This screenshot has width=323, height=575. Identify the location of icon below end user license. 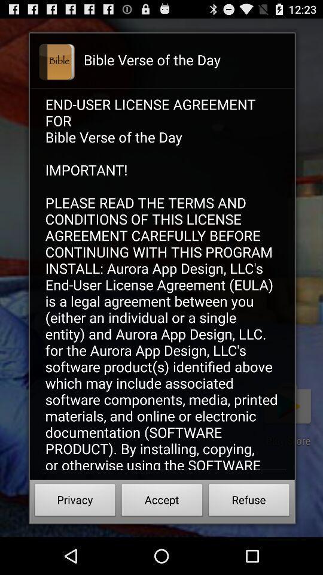
(248, 501).